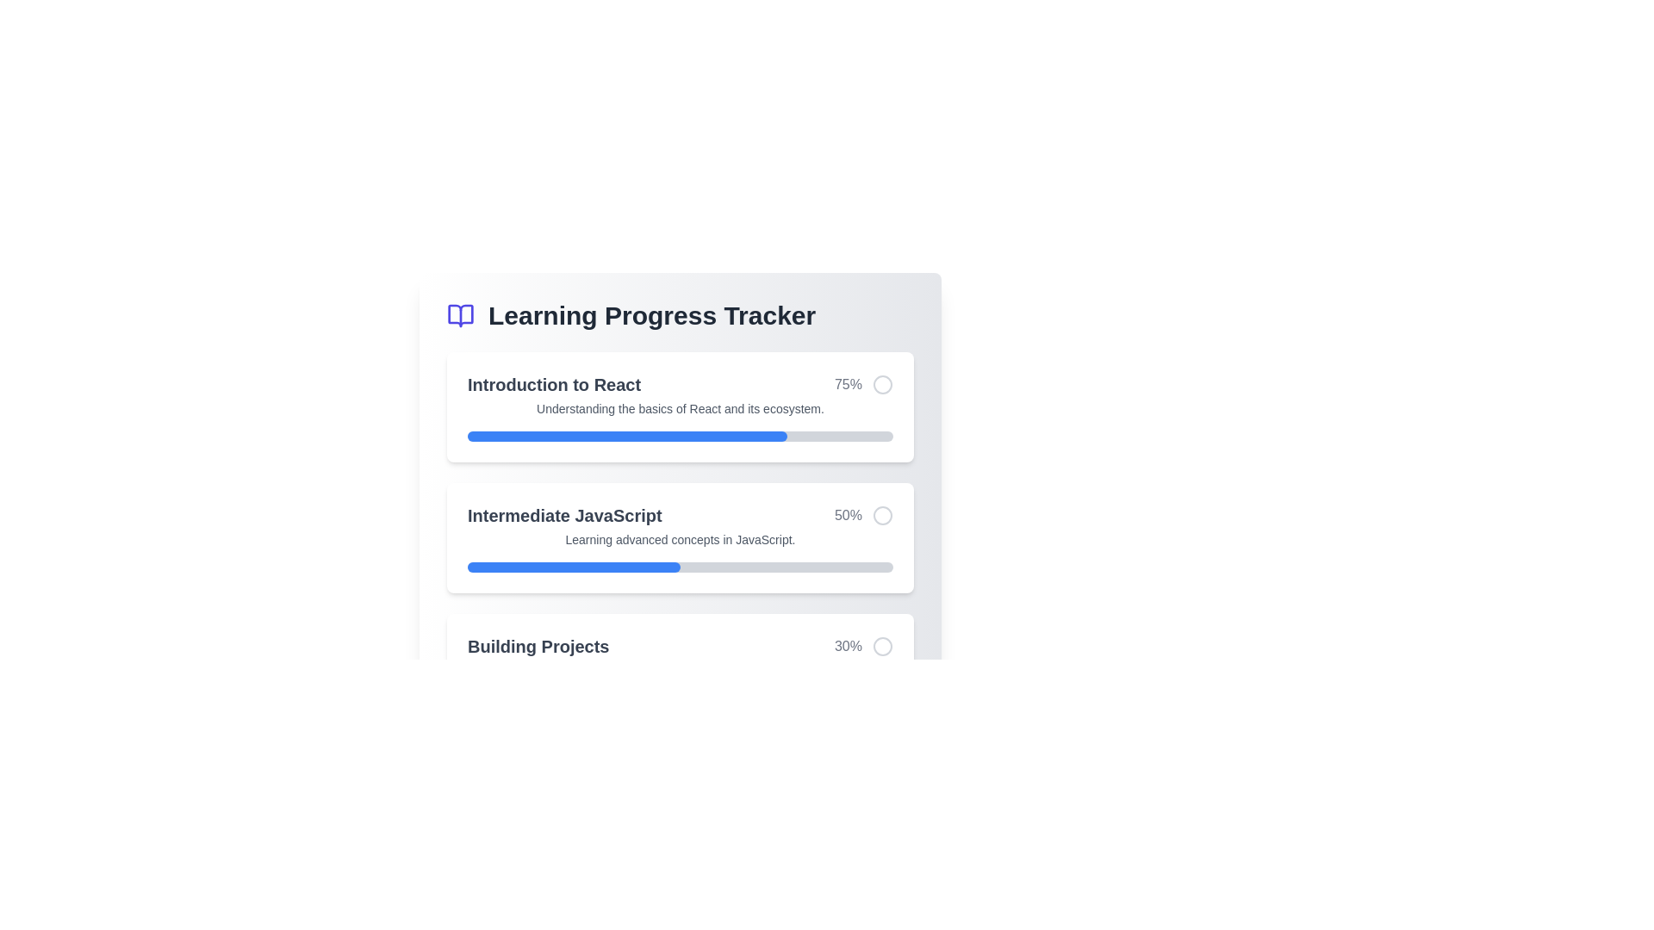 Image resolution: width=1654 pixels, height=930 pixels. What do you see at coordinates (883, 514) in the screenshot?
I see `circular gray icon representing a progress tracker, located to the right of the 'Intermediate JavaScript' item` at bounding box center [883, 514].